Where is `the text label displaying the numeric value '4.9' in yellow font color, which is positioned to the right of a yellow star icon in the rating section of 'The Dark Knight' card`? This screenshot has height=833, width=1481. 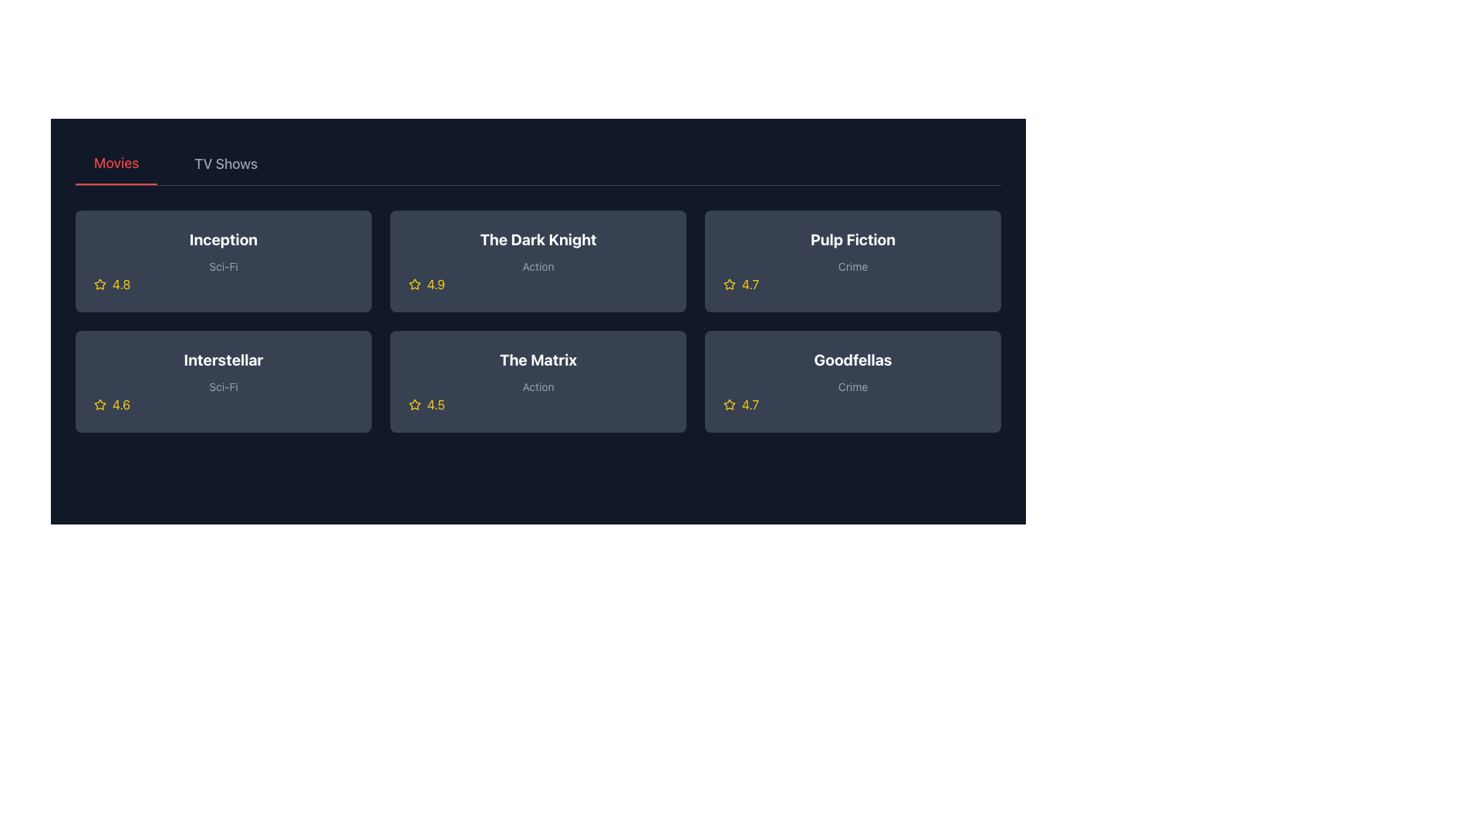 the text label displaying the numeric value '4.9' in yellow font color, which is positioned to the right of a yellow star icon in the rating section of 'The Dark Knight' card is located at coordinates (435, 285).